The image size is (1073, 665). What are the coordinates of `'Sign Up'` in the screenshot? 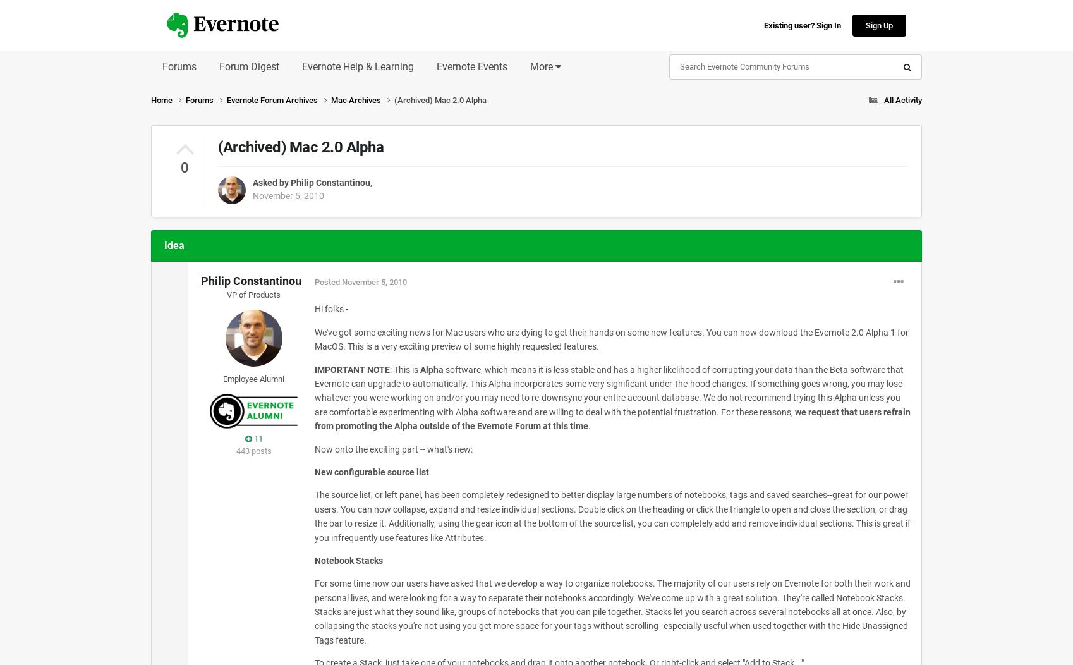 It's located at (879, 25).